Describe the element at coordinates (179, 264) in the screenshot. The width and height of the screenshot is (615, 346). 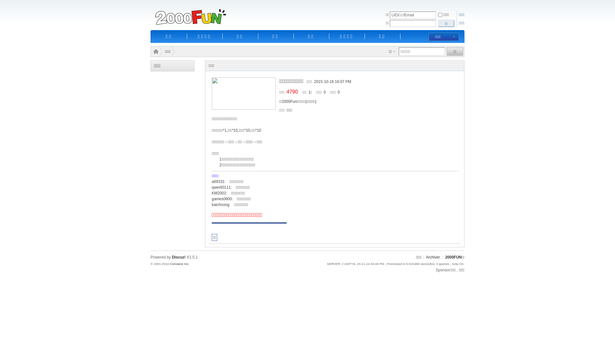
I see `'Comsenz Inc.'` at that location.